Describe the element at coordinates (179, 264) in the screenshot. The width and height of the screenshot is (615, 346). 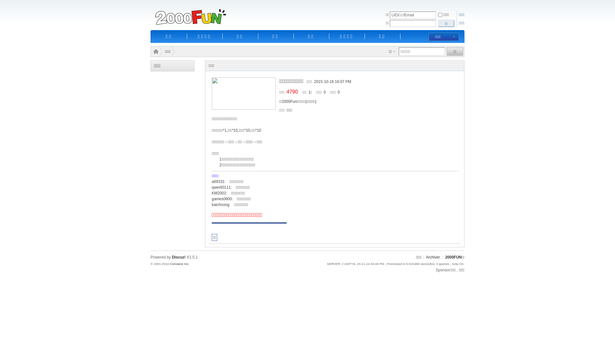
I see `'Comsenz Inc.'` at that location.